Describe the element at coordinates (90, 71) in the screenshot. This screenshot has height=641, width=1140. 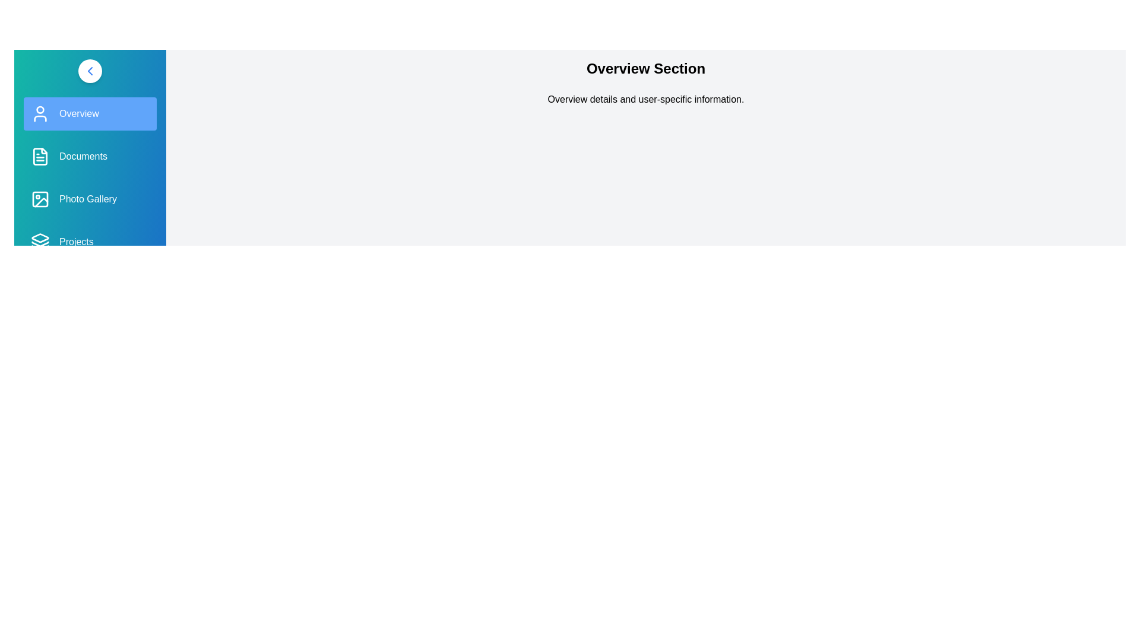
I see `the drawer toggle button to toggle its visibility` at that location.